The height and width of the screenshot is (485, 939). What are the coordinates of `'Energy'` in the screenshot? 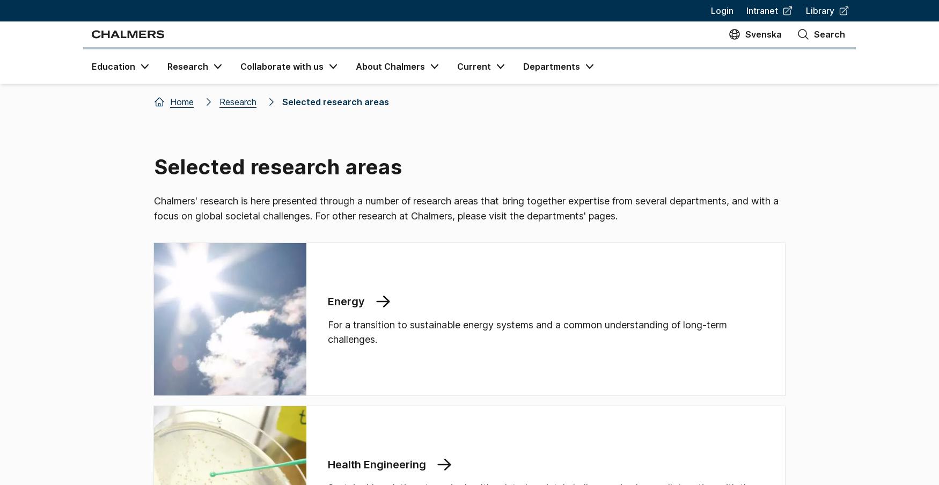 It's located at (346, 302).